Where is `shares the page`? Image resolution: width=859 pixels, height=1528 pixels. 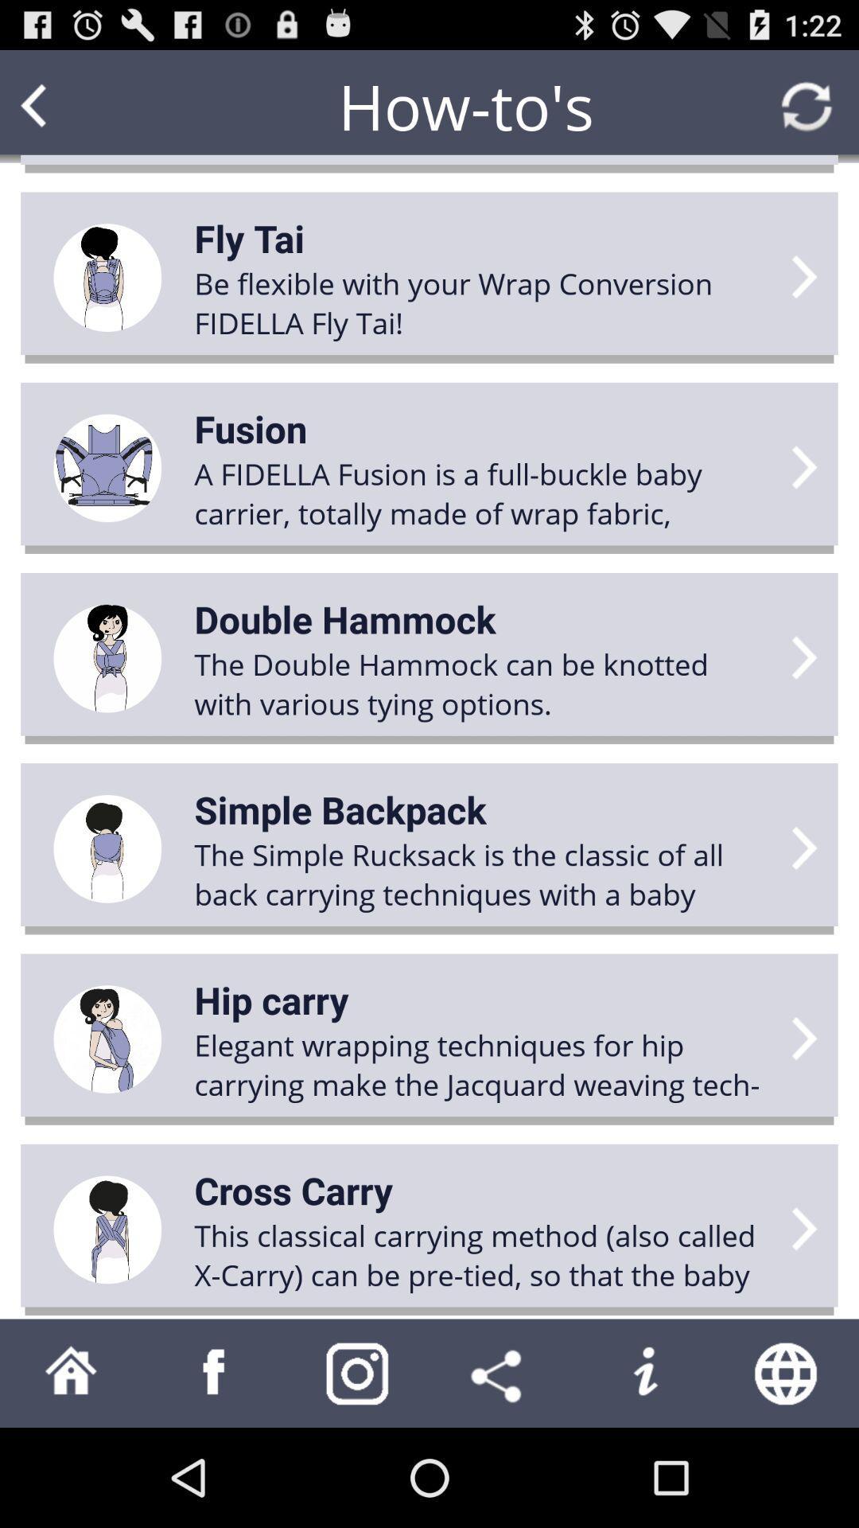
shares the page is located at coordinates (499, 1372).